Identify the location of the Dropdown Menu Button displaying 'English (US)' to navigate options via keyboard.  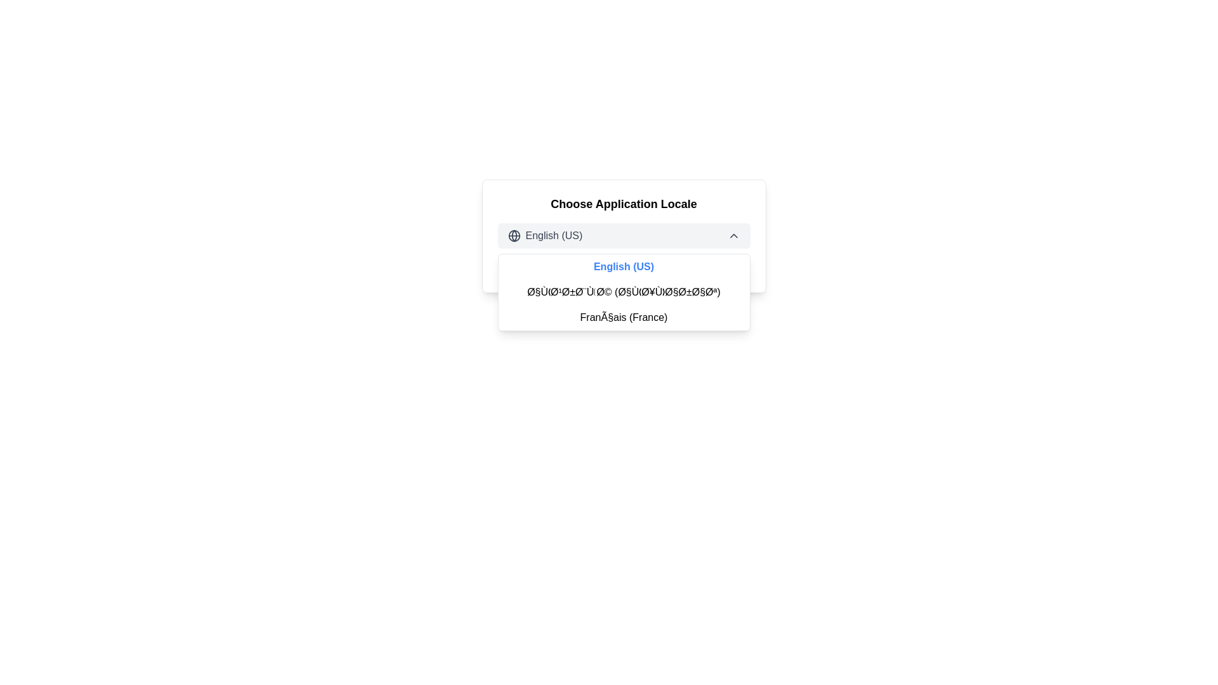
(624, 235).